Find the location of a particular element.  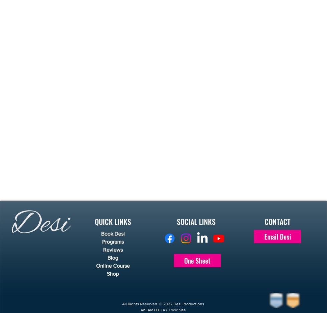

'ms' is located at coordinates (120, 241).